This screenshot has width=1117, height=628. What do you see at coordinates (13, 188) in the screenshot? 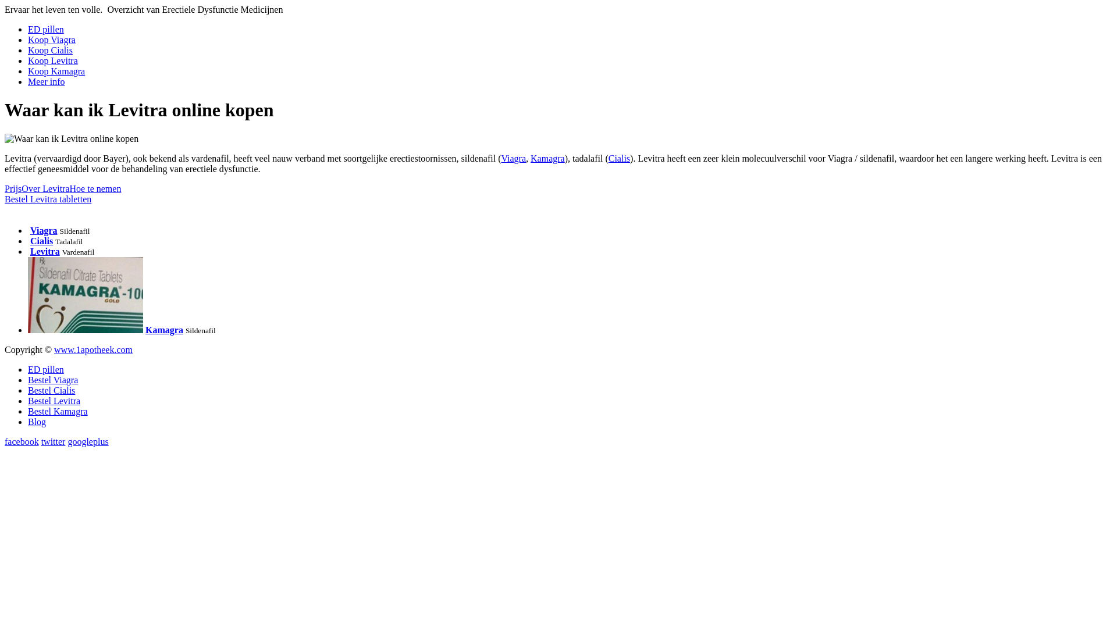
I see `'Prijs'` at bounding box center [13, 188].